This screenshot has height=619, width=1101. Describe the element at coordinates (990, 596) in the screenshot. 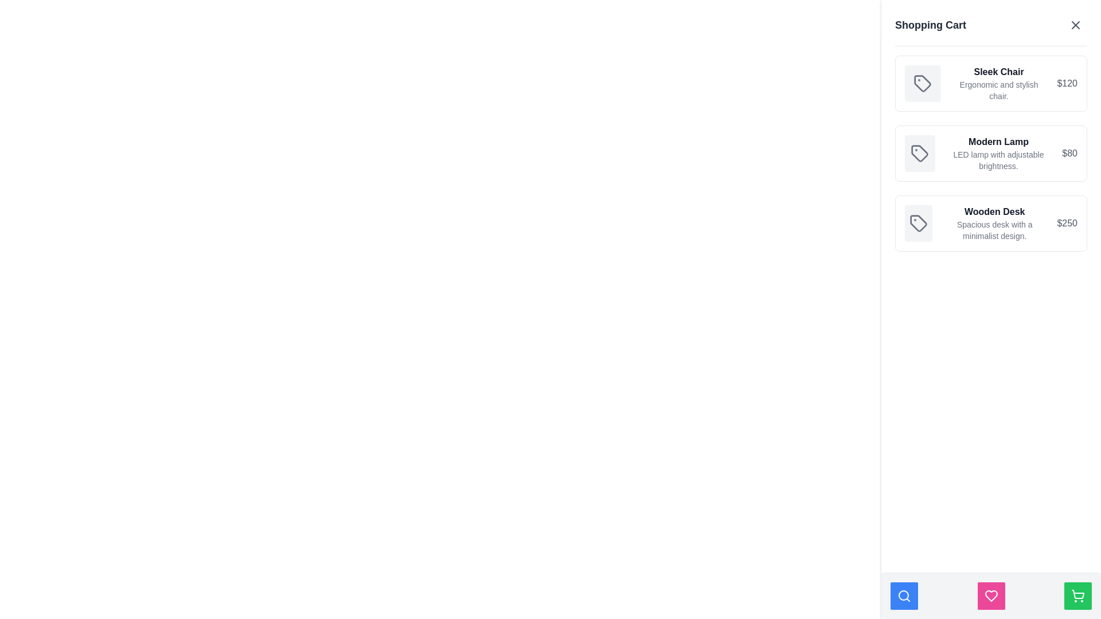

I see `the middle button with a heart icon, located in the bottom center of the interface` at that location.